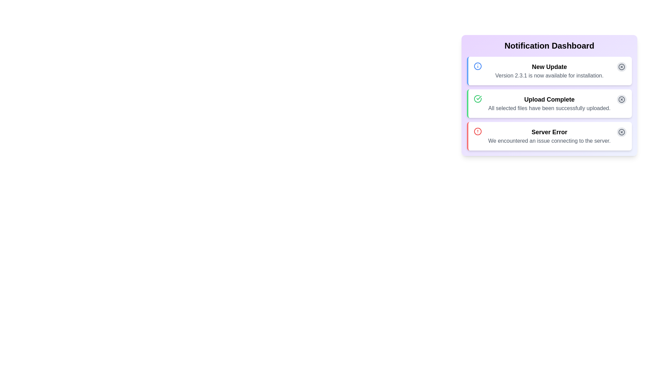 The image size is (653, 367). What do you see at coordinates (549, 71) in the screenshot?
I see `and drop the 'New Update' notification text block within the Notification Dashboard` at bounding box center [549, 71].